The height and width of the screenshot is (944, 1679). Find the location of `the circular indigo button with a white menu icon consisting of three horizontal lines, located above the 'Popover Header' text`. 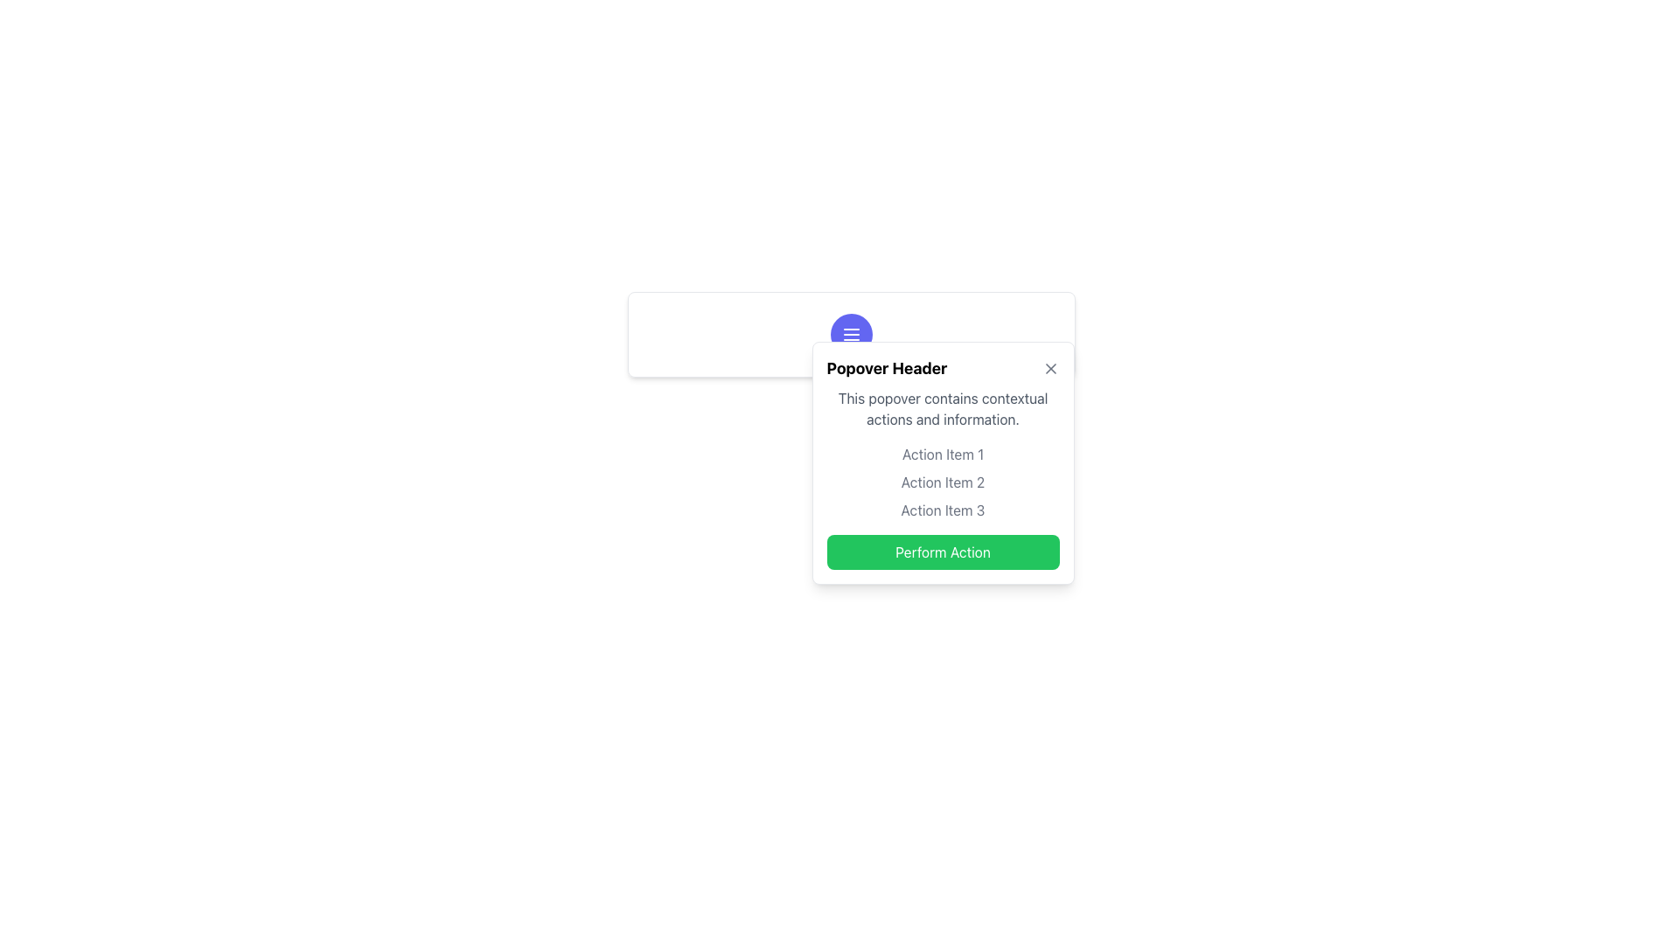

the circular indigo button with a white menu icon consisting of three horizontal lines, located above the 'Popover Header' text is located at coordinates (851, 334).